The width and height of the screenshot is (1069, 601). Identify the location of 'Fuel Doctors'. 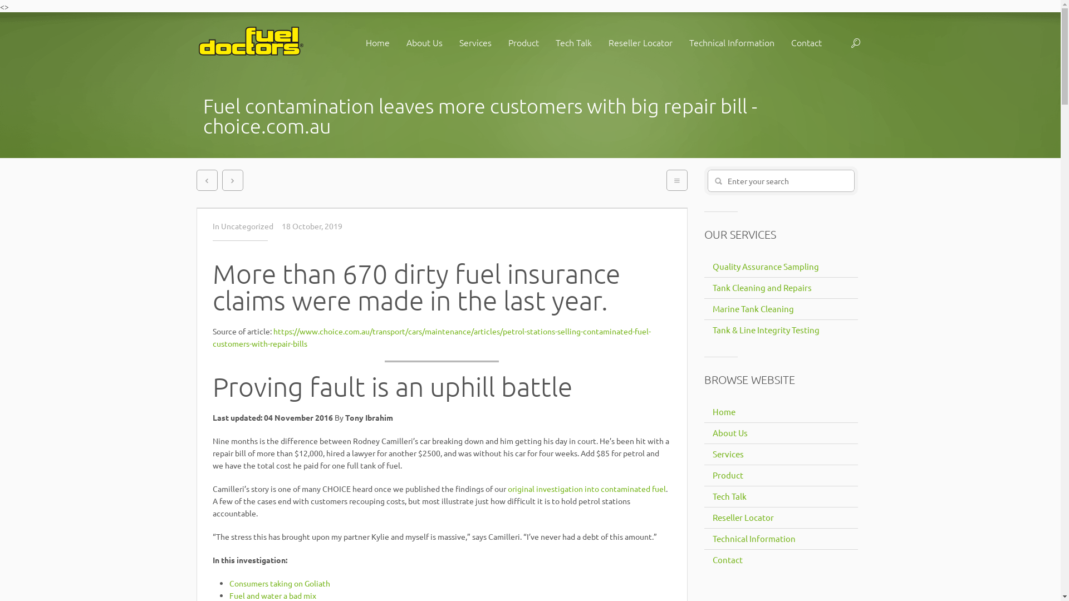
(195, 42).